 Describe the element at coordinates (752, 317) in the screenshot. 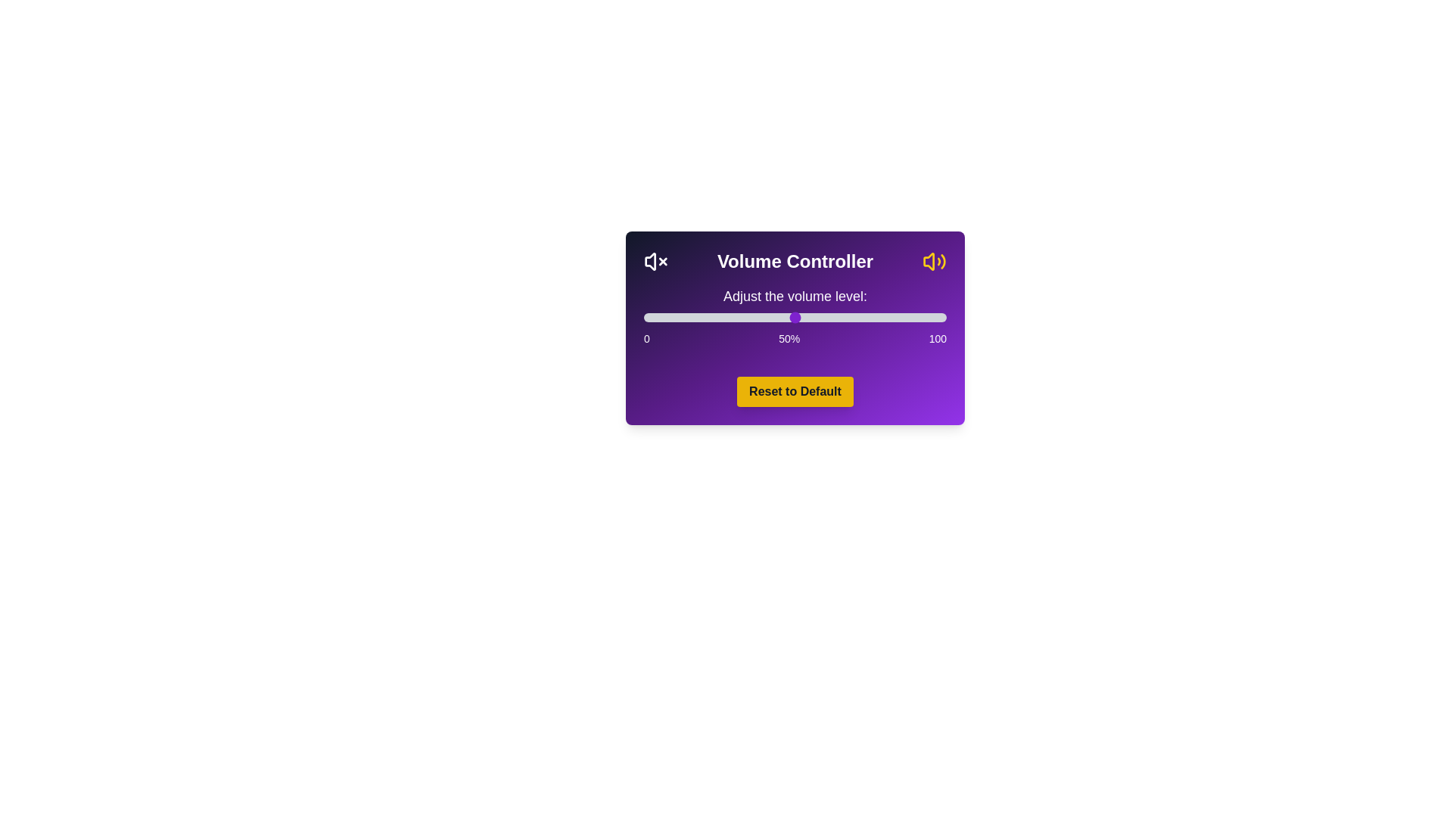

I see `the volume slider to set the volume to 36%` at that location.